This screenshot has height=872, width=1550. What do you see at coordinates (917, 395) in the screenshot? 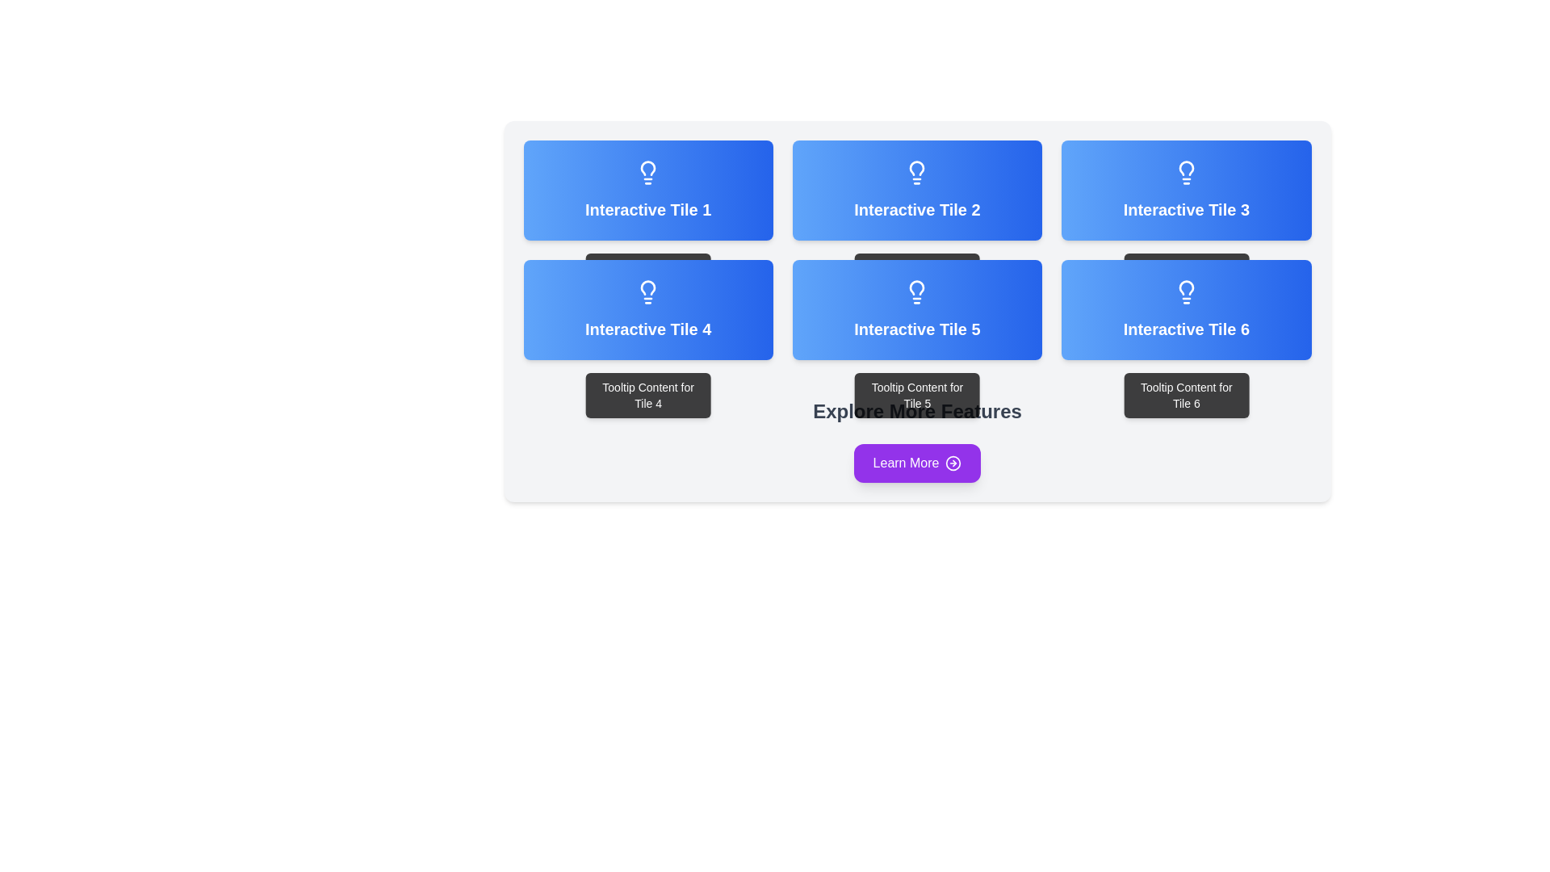
I see `the Tooltip that provides additional information related to Tile 5, located directly beneath Tile 5 in the second row of the interactive tiles` at bounding box center [917, 395].